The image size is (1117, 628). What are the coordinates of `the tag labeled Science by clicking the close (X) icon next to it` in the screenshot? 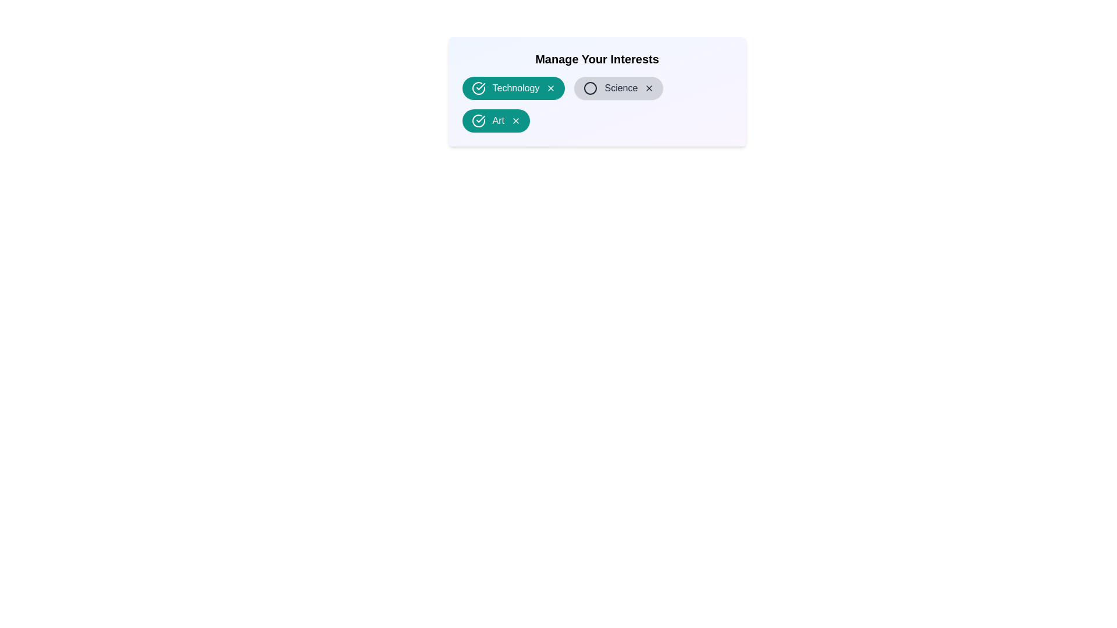 It's located at (649, 87).